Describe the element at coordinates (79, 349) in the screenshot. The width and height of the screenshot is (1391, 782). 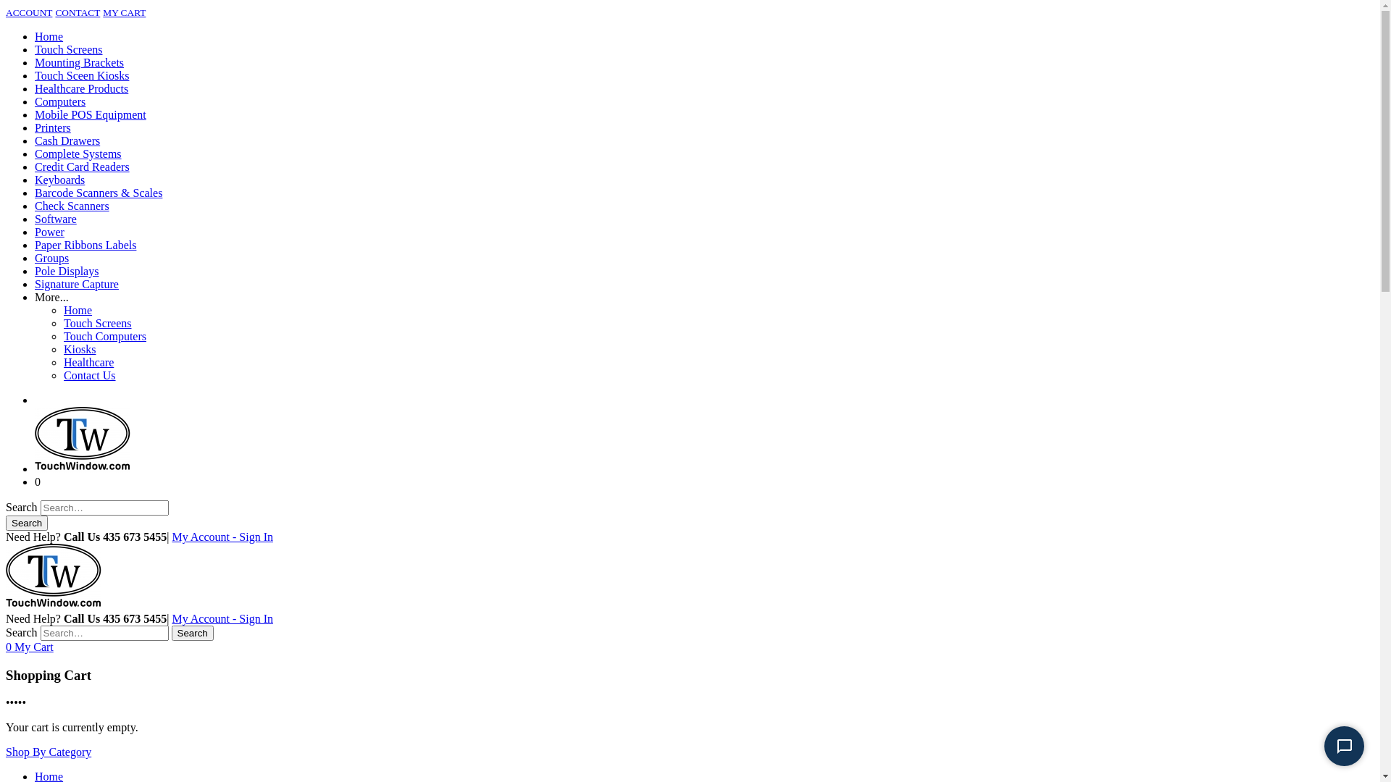
I see `'Kiosks'` at that location.